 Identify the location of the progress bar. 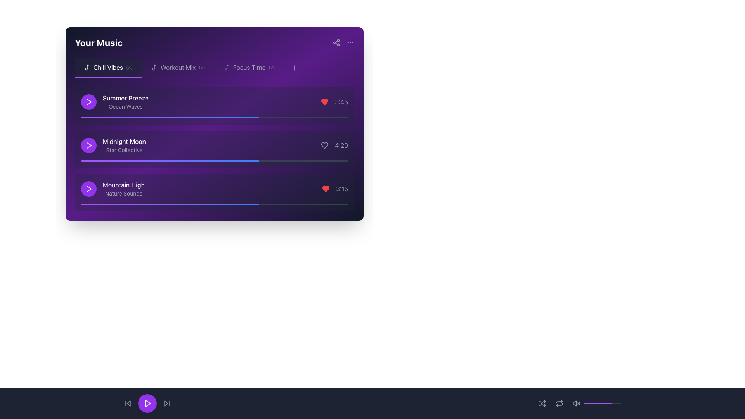
(236, 161).